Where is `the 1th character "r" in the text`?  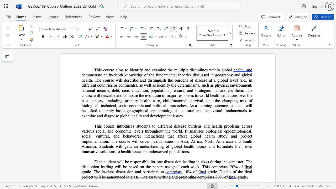
the 1th character "r" in the text is located at coordinates (204, 106).